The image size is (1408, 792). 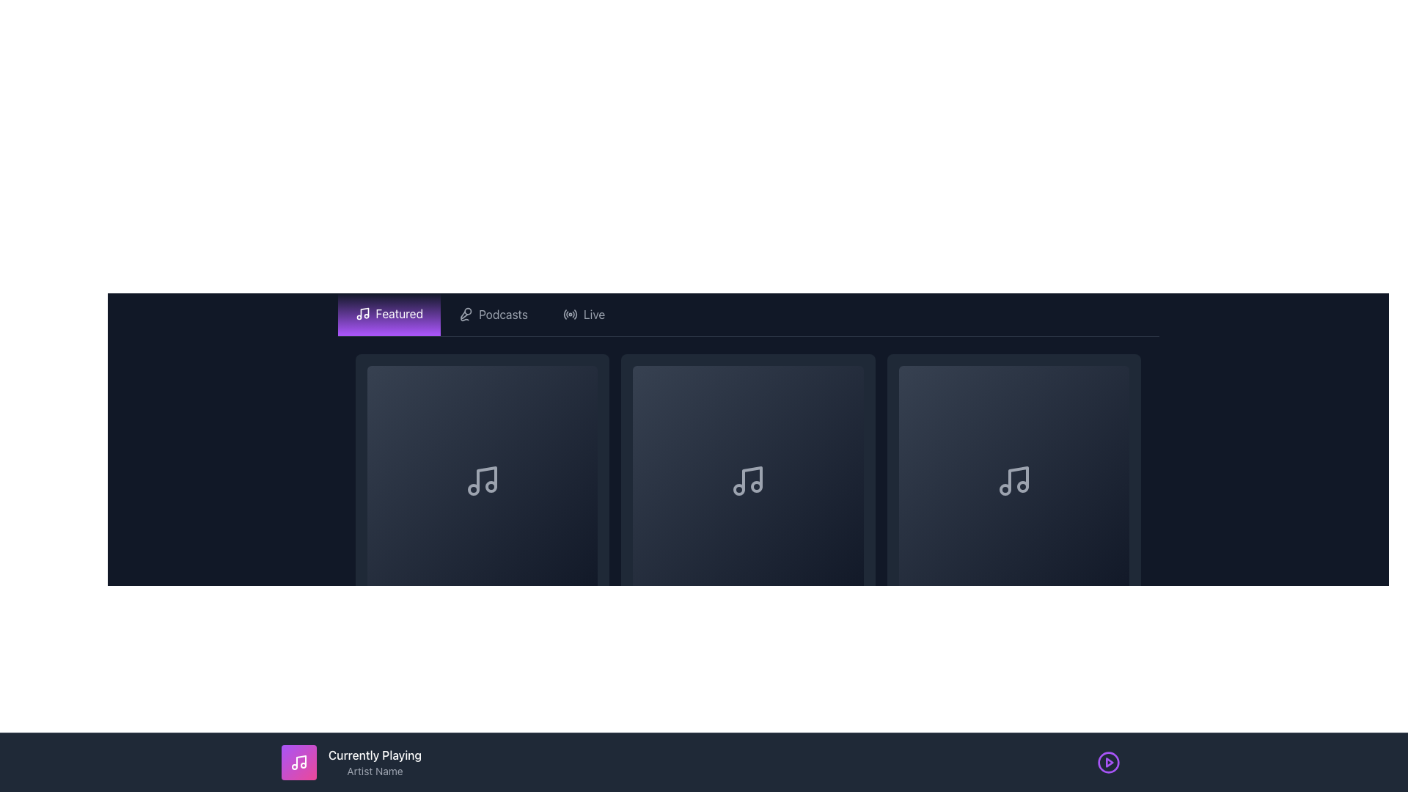 What do you see at coordinates (752, 479) in the screenshot?
I see `the musical note icon, which is styled in a light color and located in the second position among similar card containers` at bounding box center [752, 479].